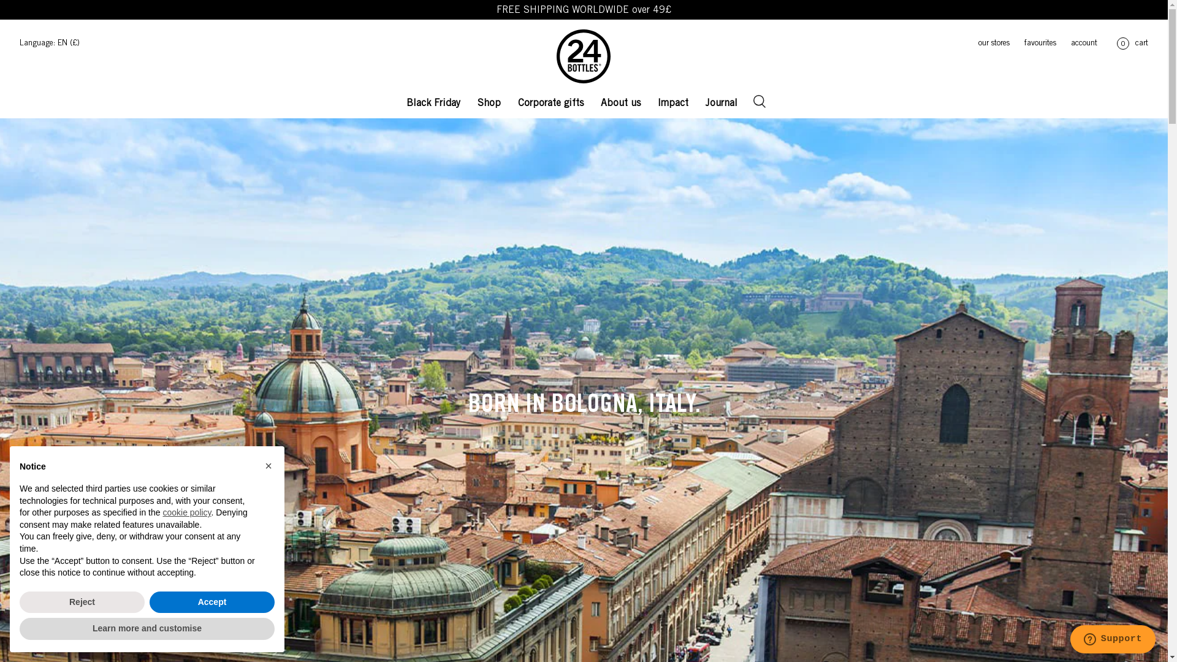  What do you see at coordinates (1112, 640) in the screenshot?
I see `'Opens a widget where you can find more information'` at bounding box center [1112, 640].